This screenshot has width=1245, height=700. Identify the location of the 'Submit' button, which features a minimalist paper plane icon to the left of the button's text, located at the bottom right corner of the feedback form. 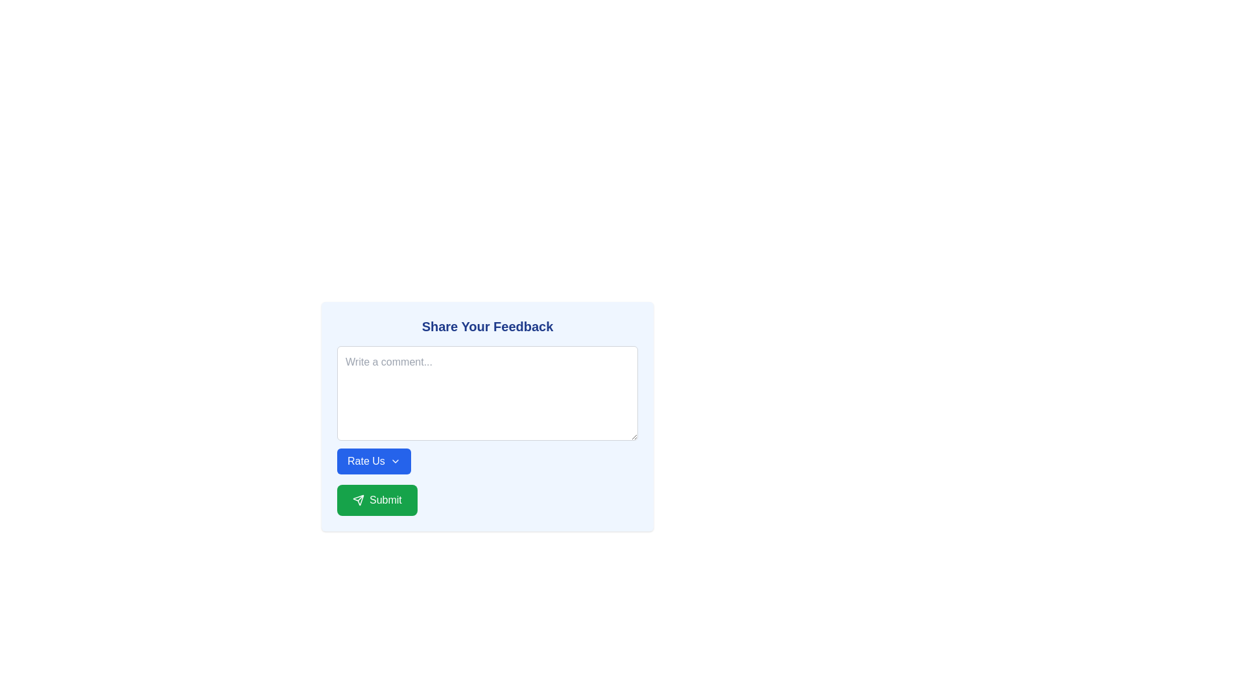
(358, 499).